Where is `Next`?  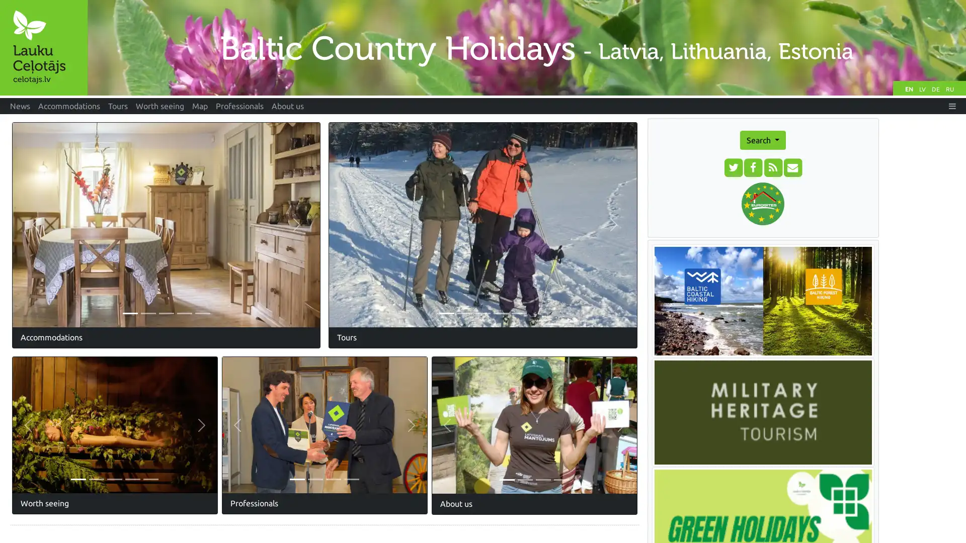
Next is located at coordinates (620, 425).